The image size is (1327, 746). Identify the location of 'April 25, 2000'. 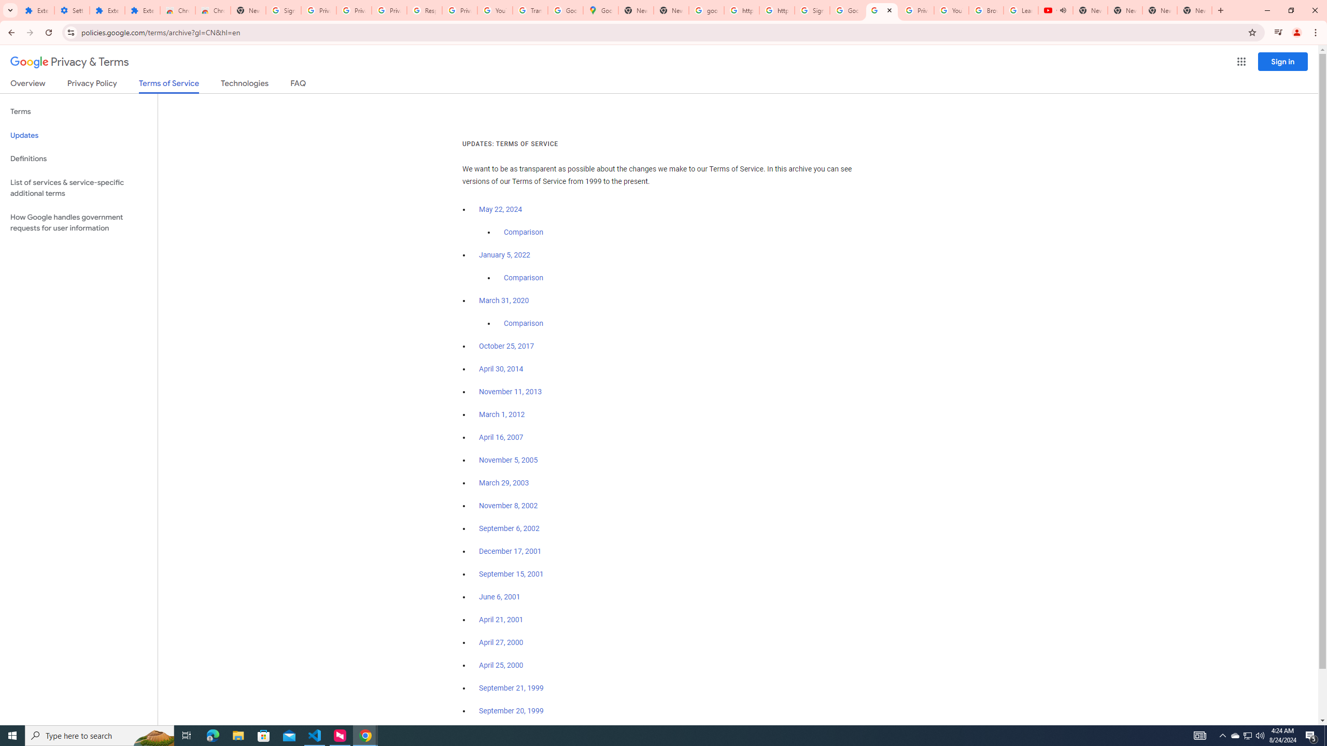
(501, 664).